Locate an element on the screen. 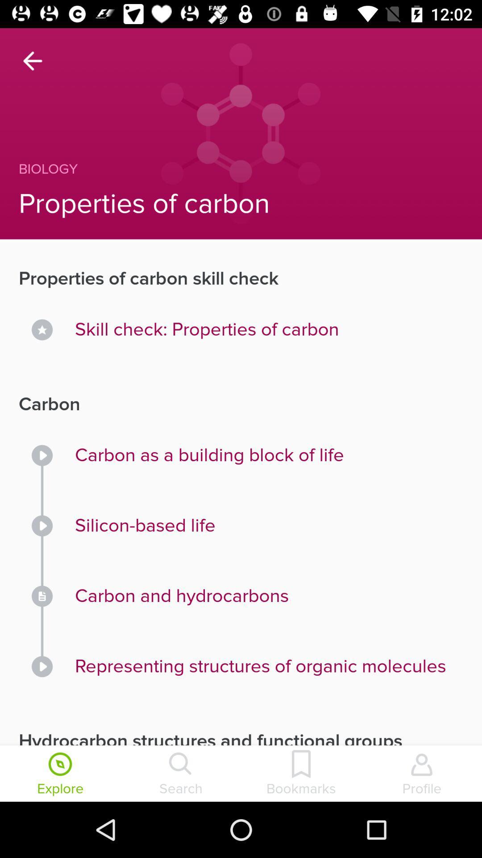 The width and height of the screenshot is (482, 858). bookmarks is located at coordinates (301, 774).